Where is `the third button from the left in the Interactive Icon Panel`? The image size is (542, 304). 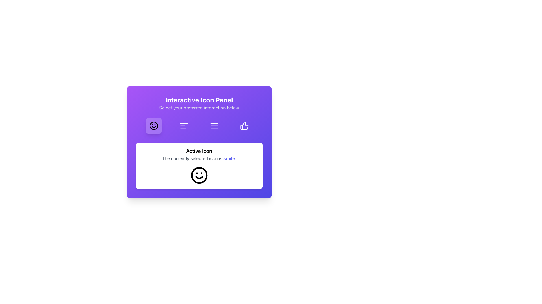 the third button from the left in the Interactive Icon Panel is located at coordinates (214, 126).